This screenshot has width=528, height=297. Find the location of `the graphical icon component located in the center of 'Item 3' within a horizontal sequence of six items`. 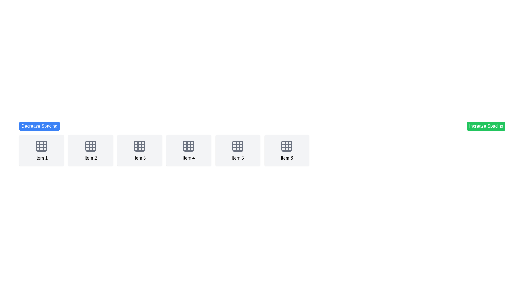

the graphical icon component located in the center of 'Item 3' within a horizontal sequence of six items is located at coordinates (140, 146).